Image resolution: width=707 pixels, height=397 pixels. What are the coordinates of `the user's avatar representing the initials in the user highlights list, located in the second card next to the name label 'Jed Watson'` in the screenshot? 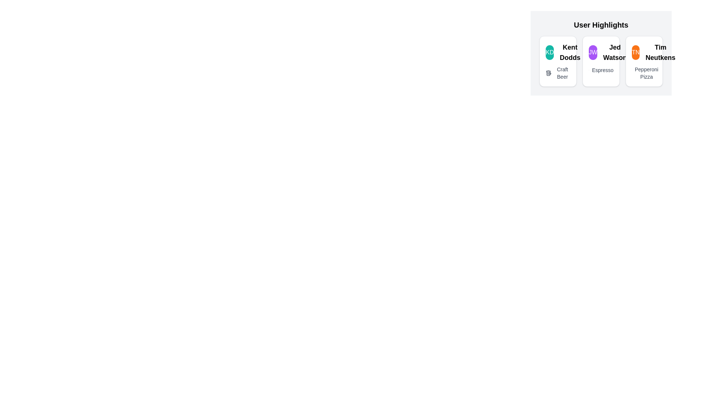 It's located at (593, 52).